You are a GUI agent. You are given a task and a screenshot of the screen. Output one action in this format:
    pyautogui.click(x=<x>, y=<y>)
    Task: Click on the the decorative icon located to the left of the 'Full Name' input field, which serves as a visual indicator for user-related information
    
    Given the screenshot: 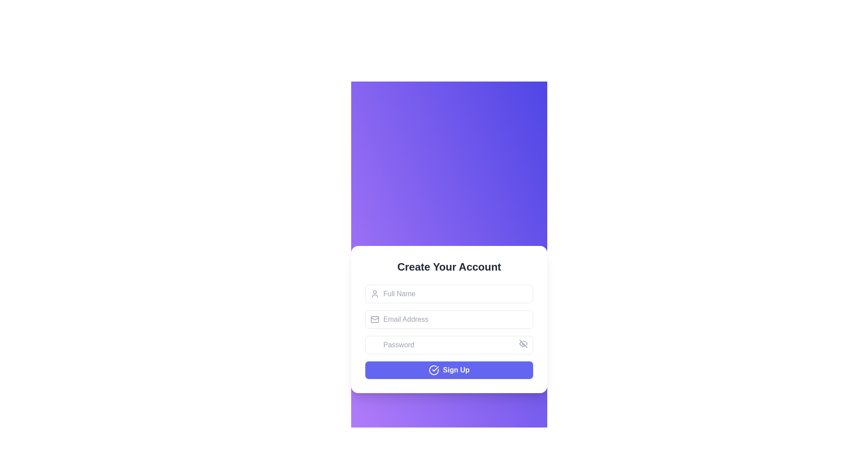 What is the action you would take?
    pyautogui.click(x=375, y=294)
    